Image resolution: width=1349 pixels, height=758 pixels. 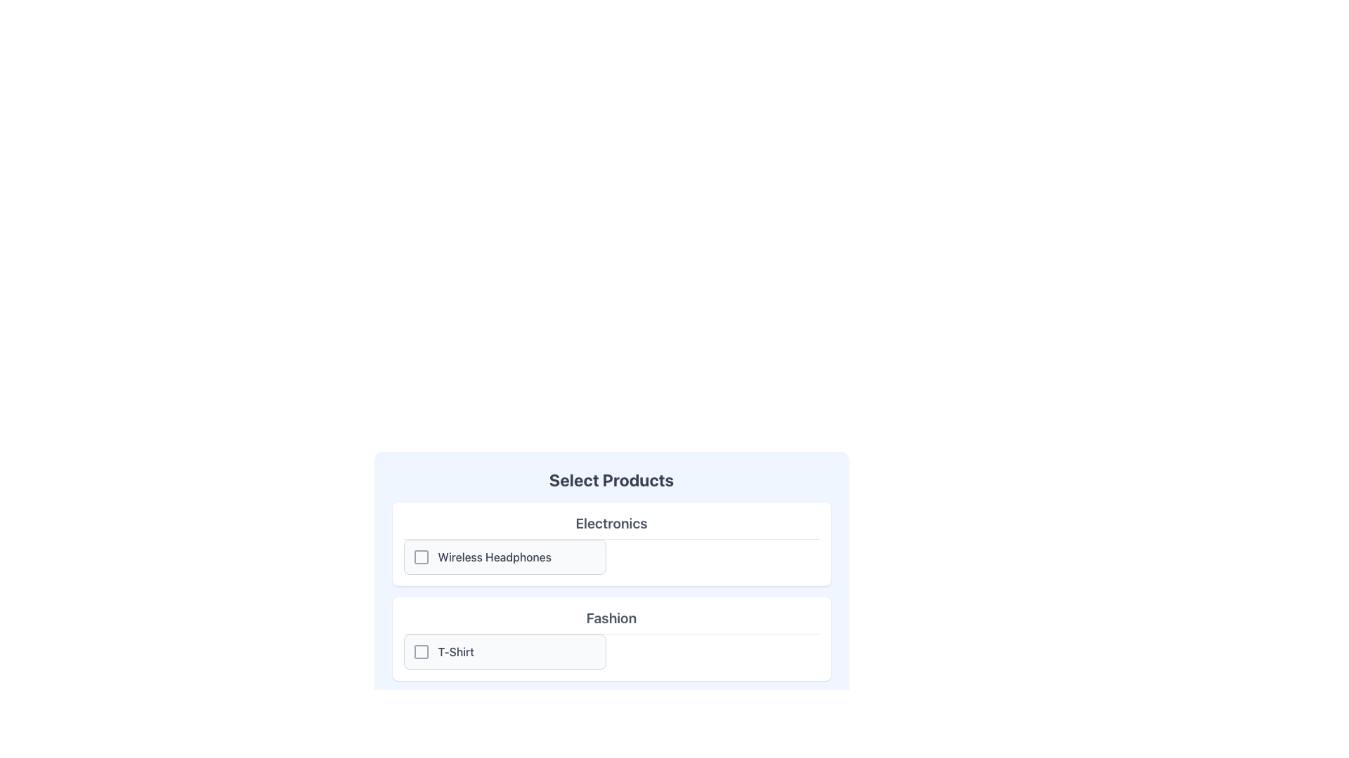 What do you see at coordinates (611, 557) in the screenshot?
I see `the checkbox for 'Wireless Headphones' in the product selection list located in the 'Electronics' section` at bounding box center [611, 557].